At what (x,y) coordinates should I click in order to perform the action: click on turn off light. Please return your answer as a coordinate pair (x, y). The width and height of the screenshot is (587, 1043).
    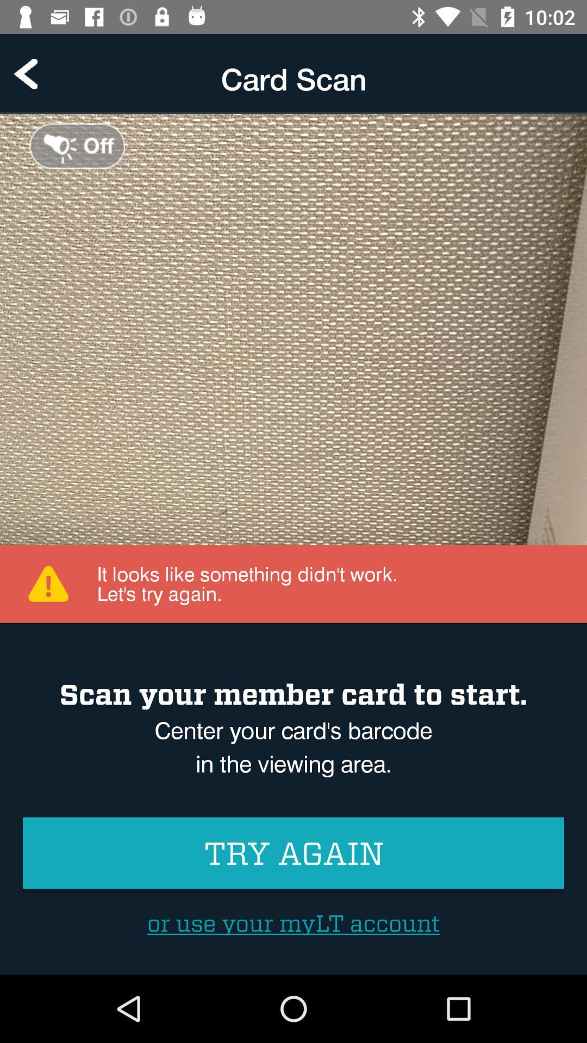
    Looking at the image, I should click on (77, 146).